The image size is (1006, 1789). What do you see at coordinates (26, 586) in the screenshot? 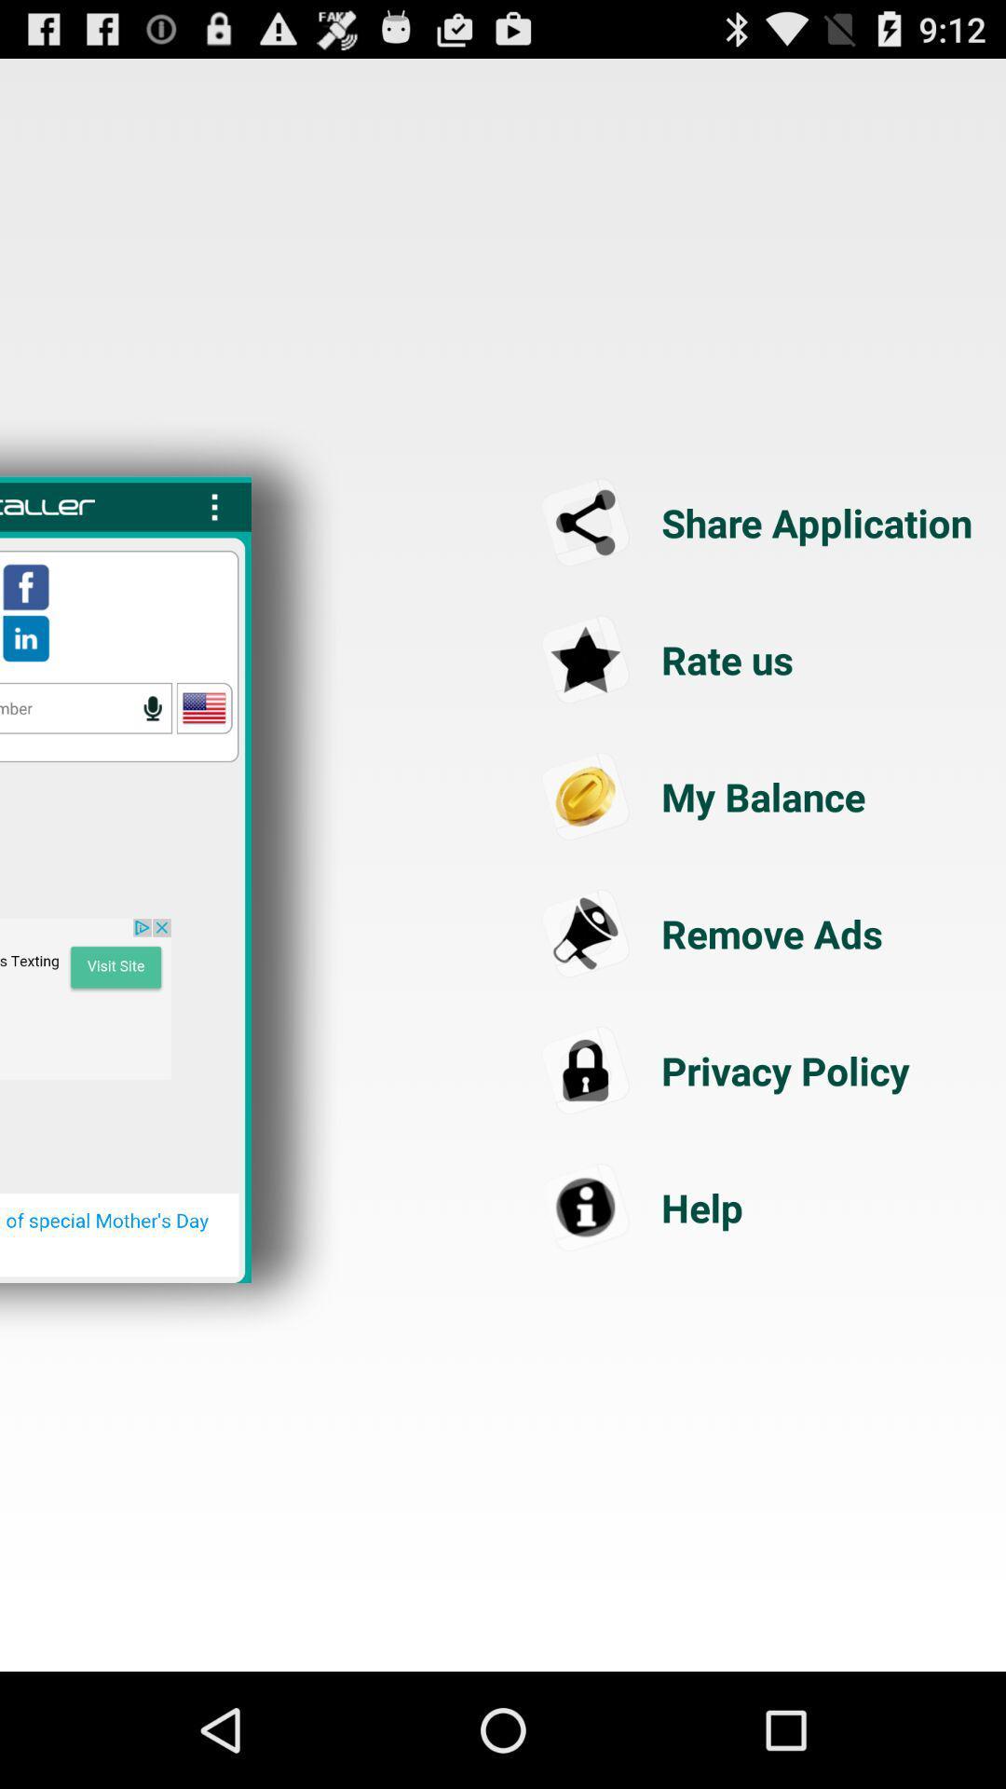
I see `facebook` at bounding box center [26, 586].